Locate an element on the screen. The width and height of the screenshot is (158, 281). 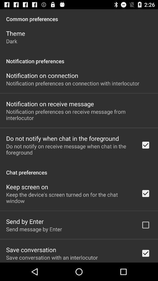
chat preferences item is located at coordinates (79, 169).